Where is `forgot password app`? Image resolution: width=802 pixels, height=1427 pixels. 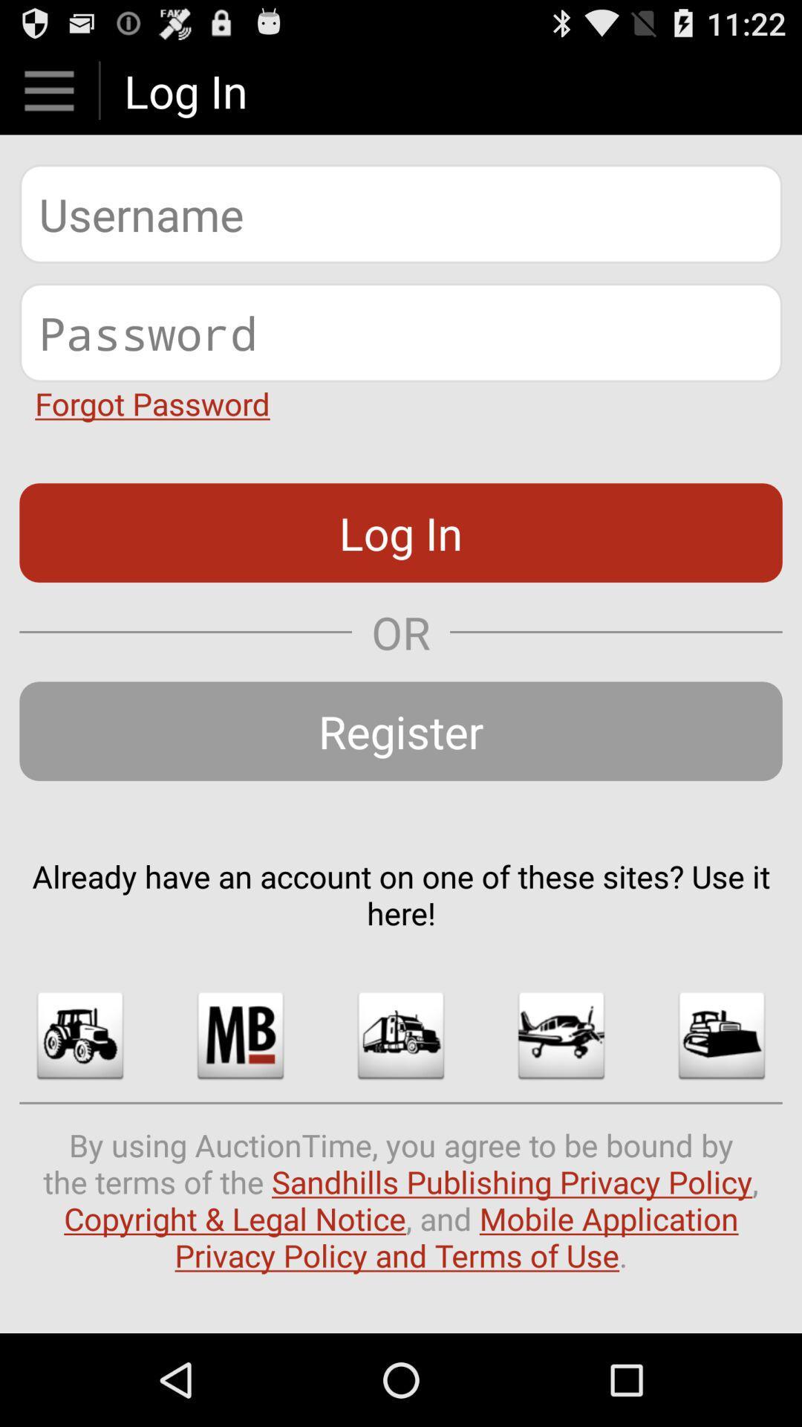 forgot password app is located at coordinates (152, 403).